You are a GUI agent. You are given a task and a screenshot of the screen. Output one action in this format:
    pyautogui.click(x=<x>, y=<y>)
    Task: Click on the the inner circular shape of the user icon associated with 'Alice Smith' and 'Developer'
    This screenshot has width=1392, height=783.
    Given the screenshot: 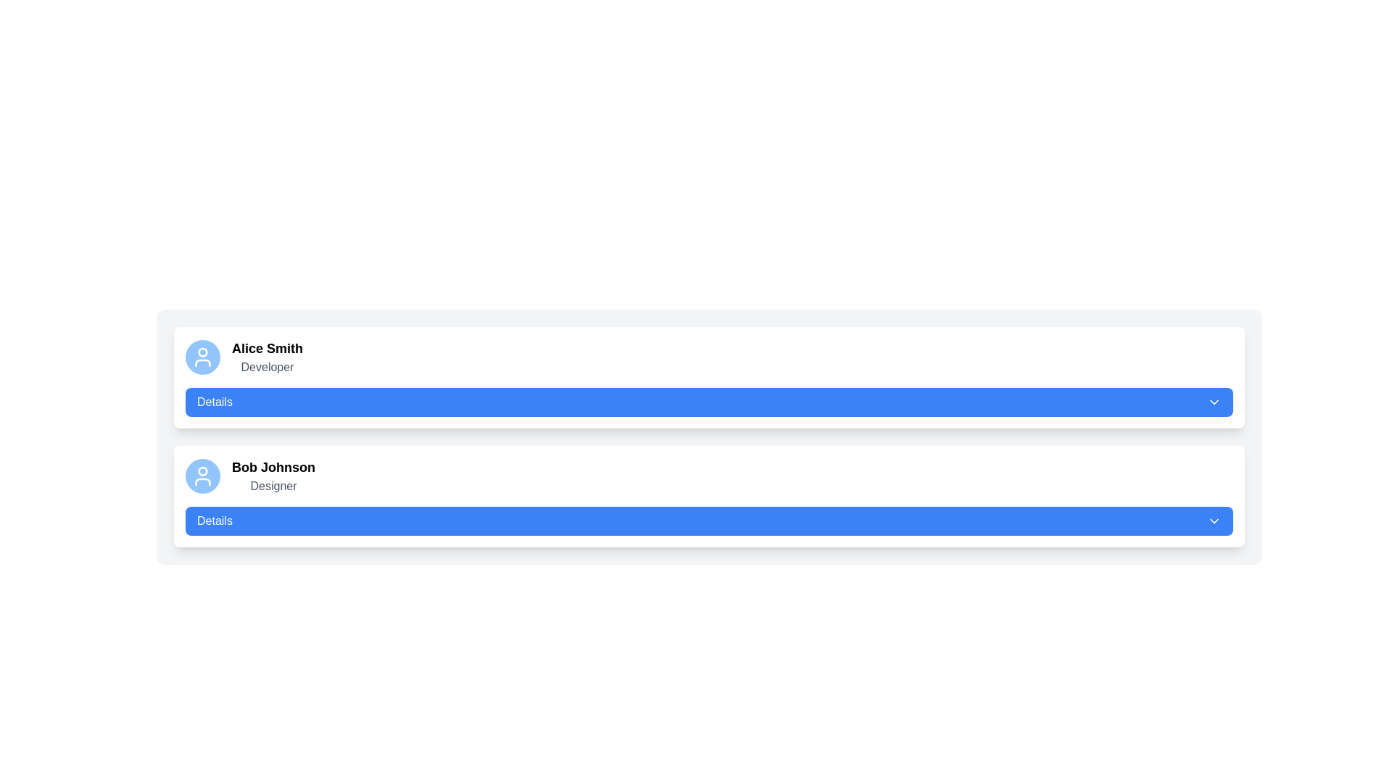 What is the action you would take?
    pyautogui.click(x=202, y=352)
    